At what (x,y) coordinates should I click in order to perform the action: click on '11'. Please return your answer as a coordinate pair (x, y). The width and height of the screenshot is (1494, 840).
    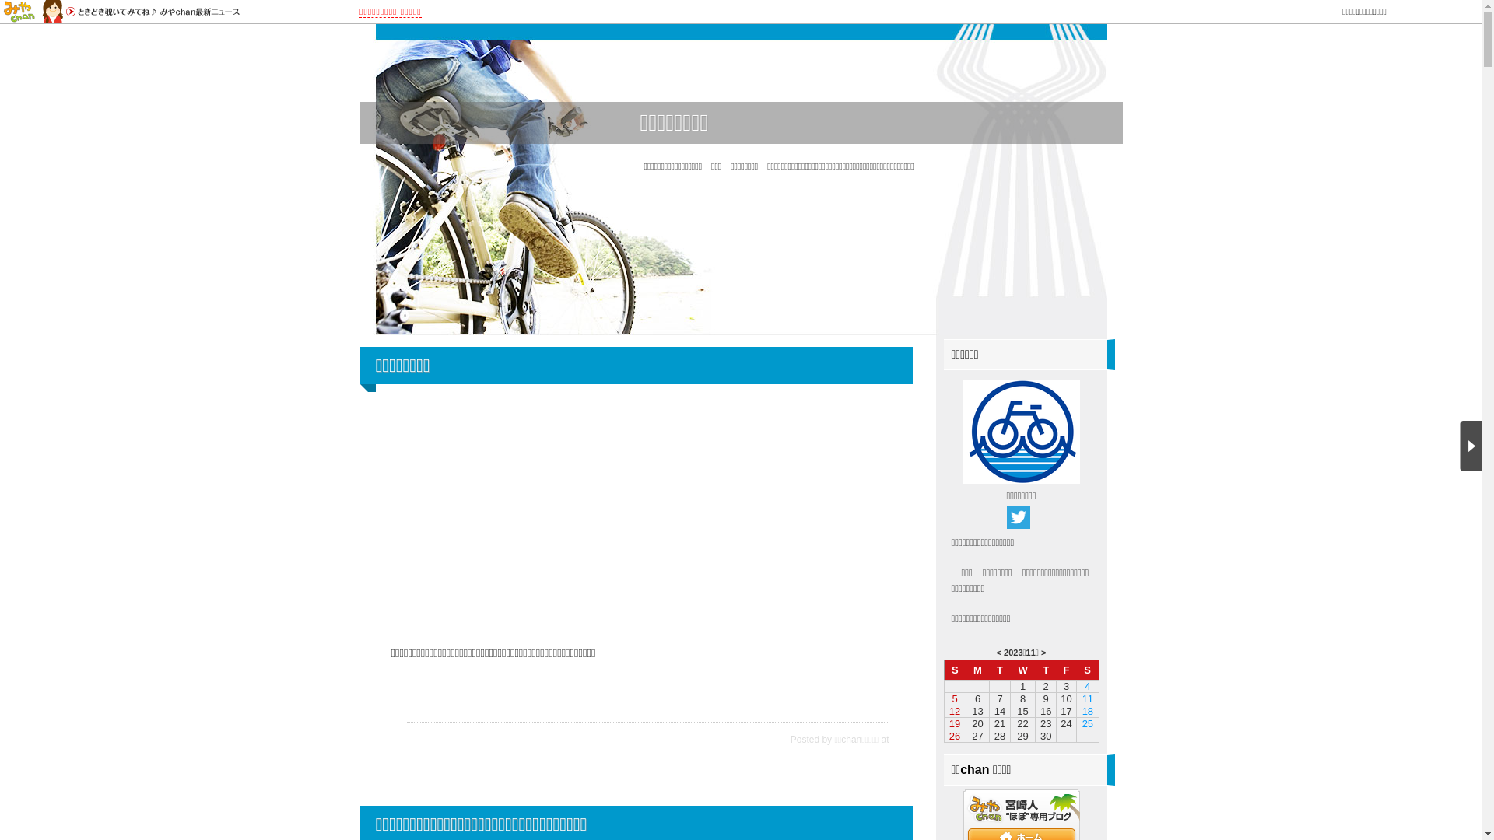
    Looking at the image, I should click on (1026, 653).